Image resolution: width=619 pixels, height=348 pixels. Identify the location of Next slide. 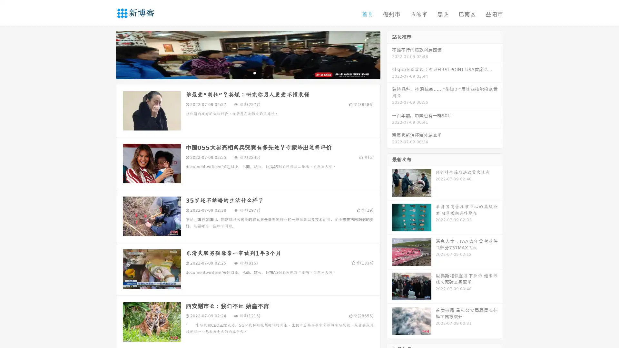
(389, 54).